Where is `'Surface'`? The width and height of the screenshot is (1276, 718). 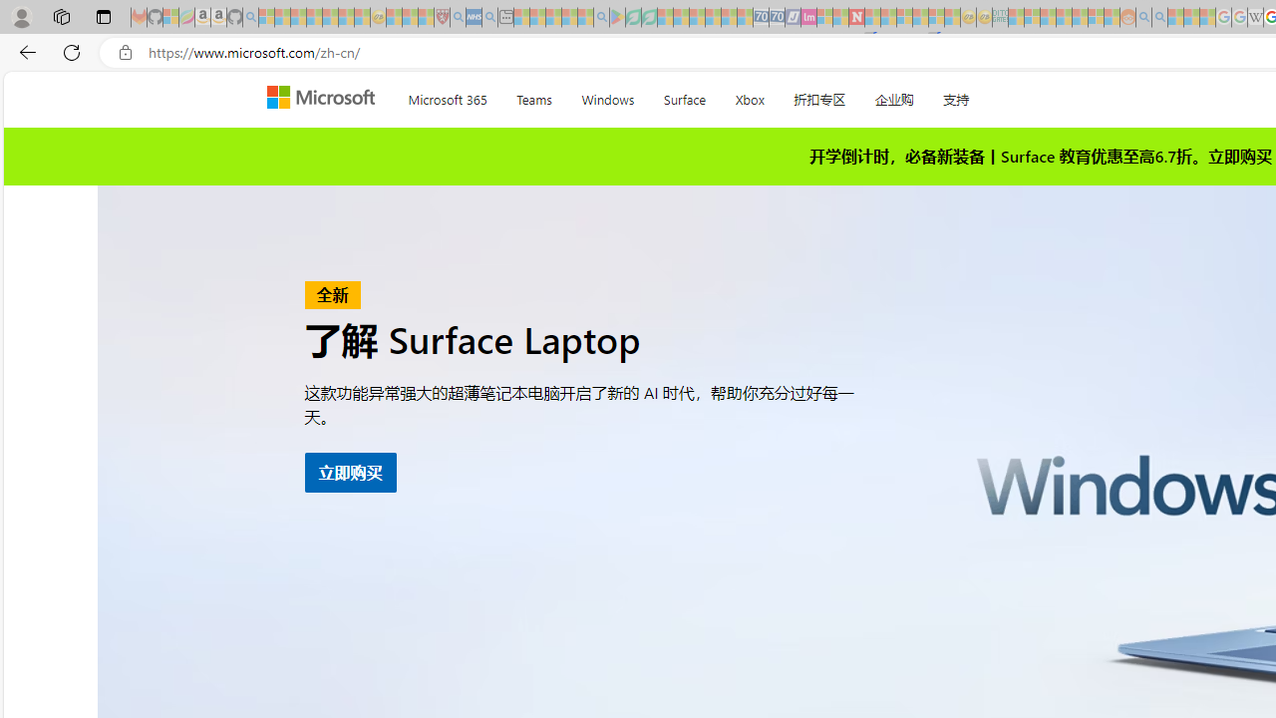
'Surface' is located at coordinates (684, 96).